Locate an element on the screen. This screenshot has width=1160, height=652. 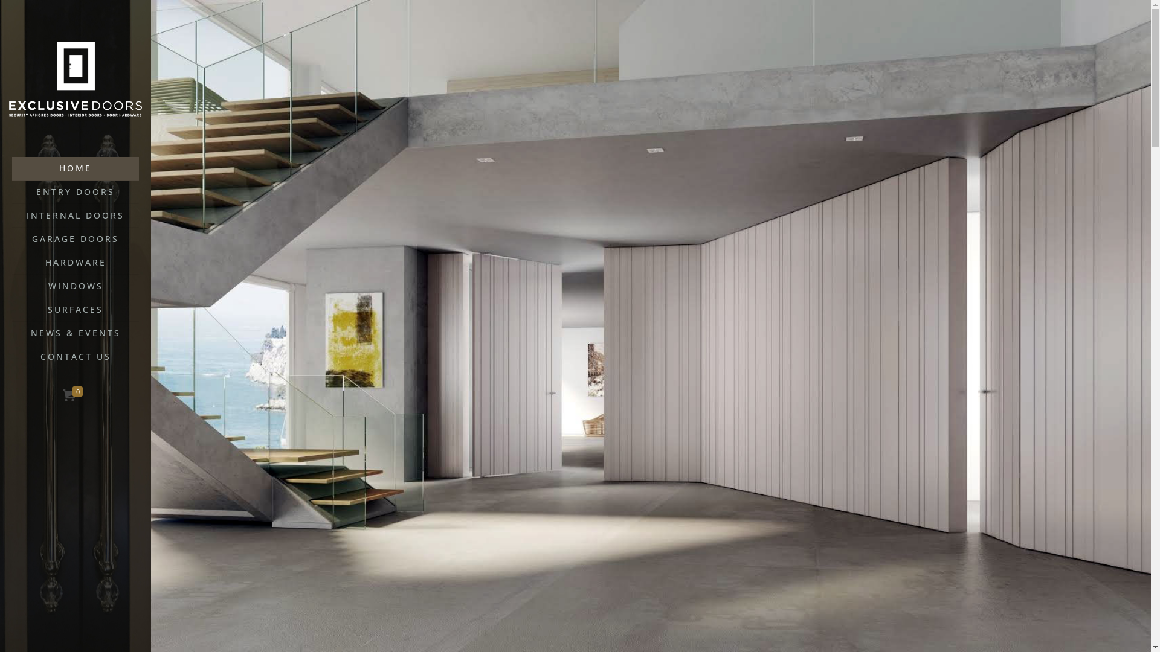
'HARDWARE' is located at coordinates (74, 262).